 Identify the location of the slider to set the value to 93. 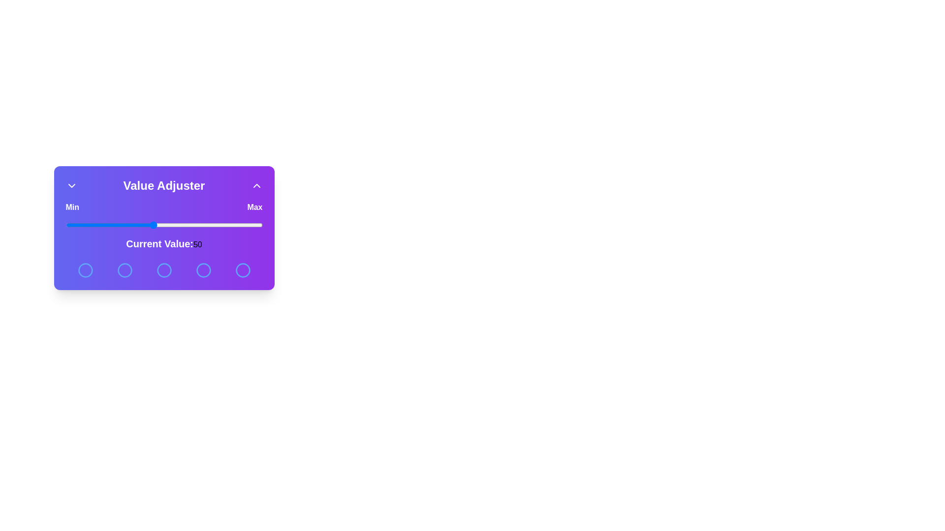
(247, 225).